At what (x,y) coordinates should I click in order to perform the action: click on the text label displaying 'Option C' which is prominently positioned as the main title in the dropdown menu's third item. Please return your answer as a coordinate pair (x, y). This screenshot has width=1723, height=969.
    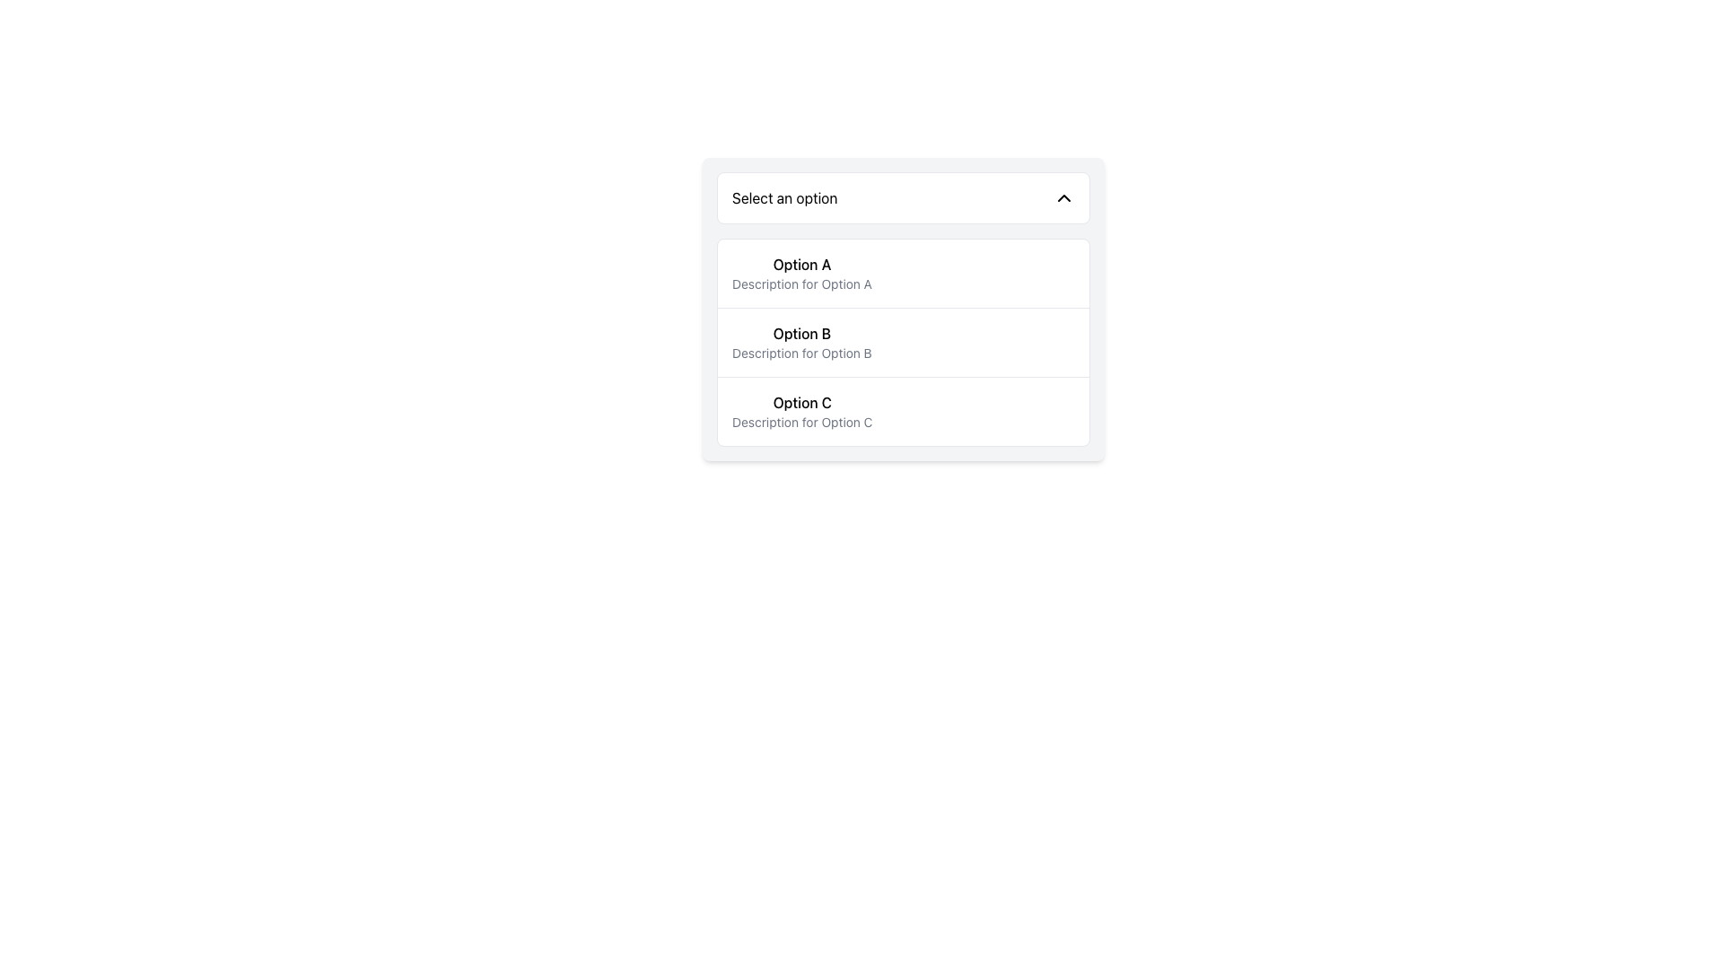
    Looking at the image, I should click on (801, 401).